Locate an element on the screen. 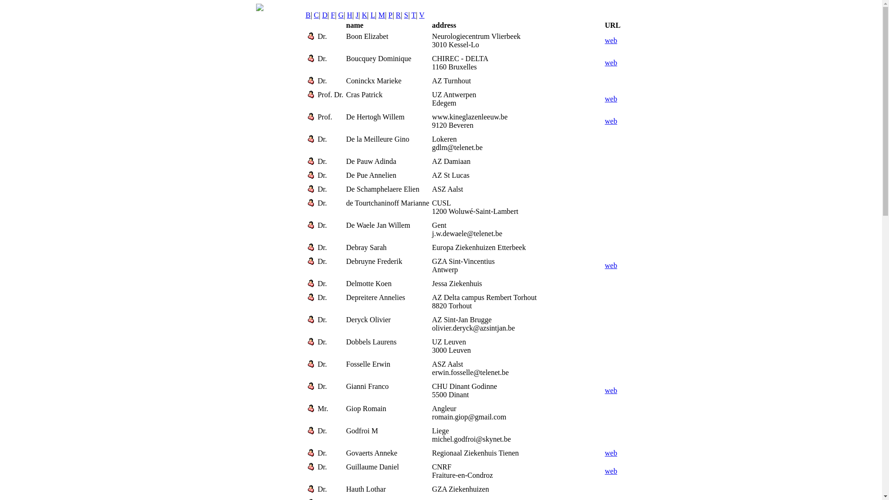  'G' is located at coordinates (338, 15).